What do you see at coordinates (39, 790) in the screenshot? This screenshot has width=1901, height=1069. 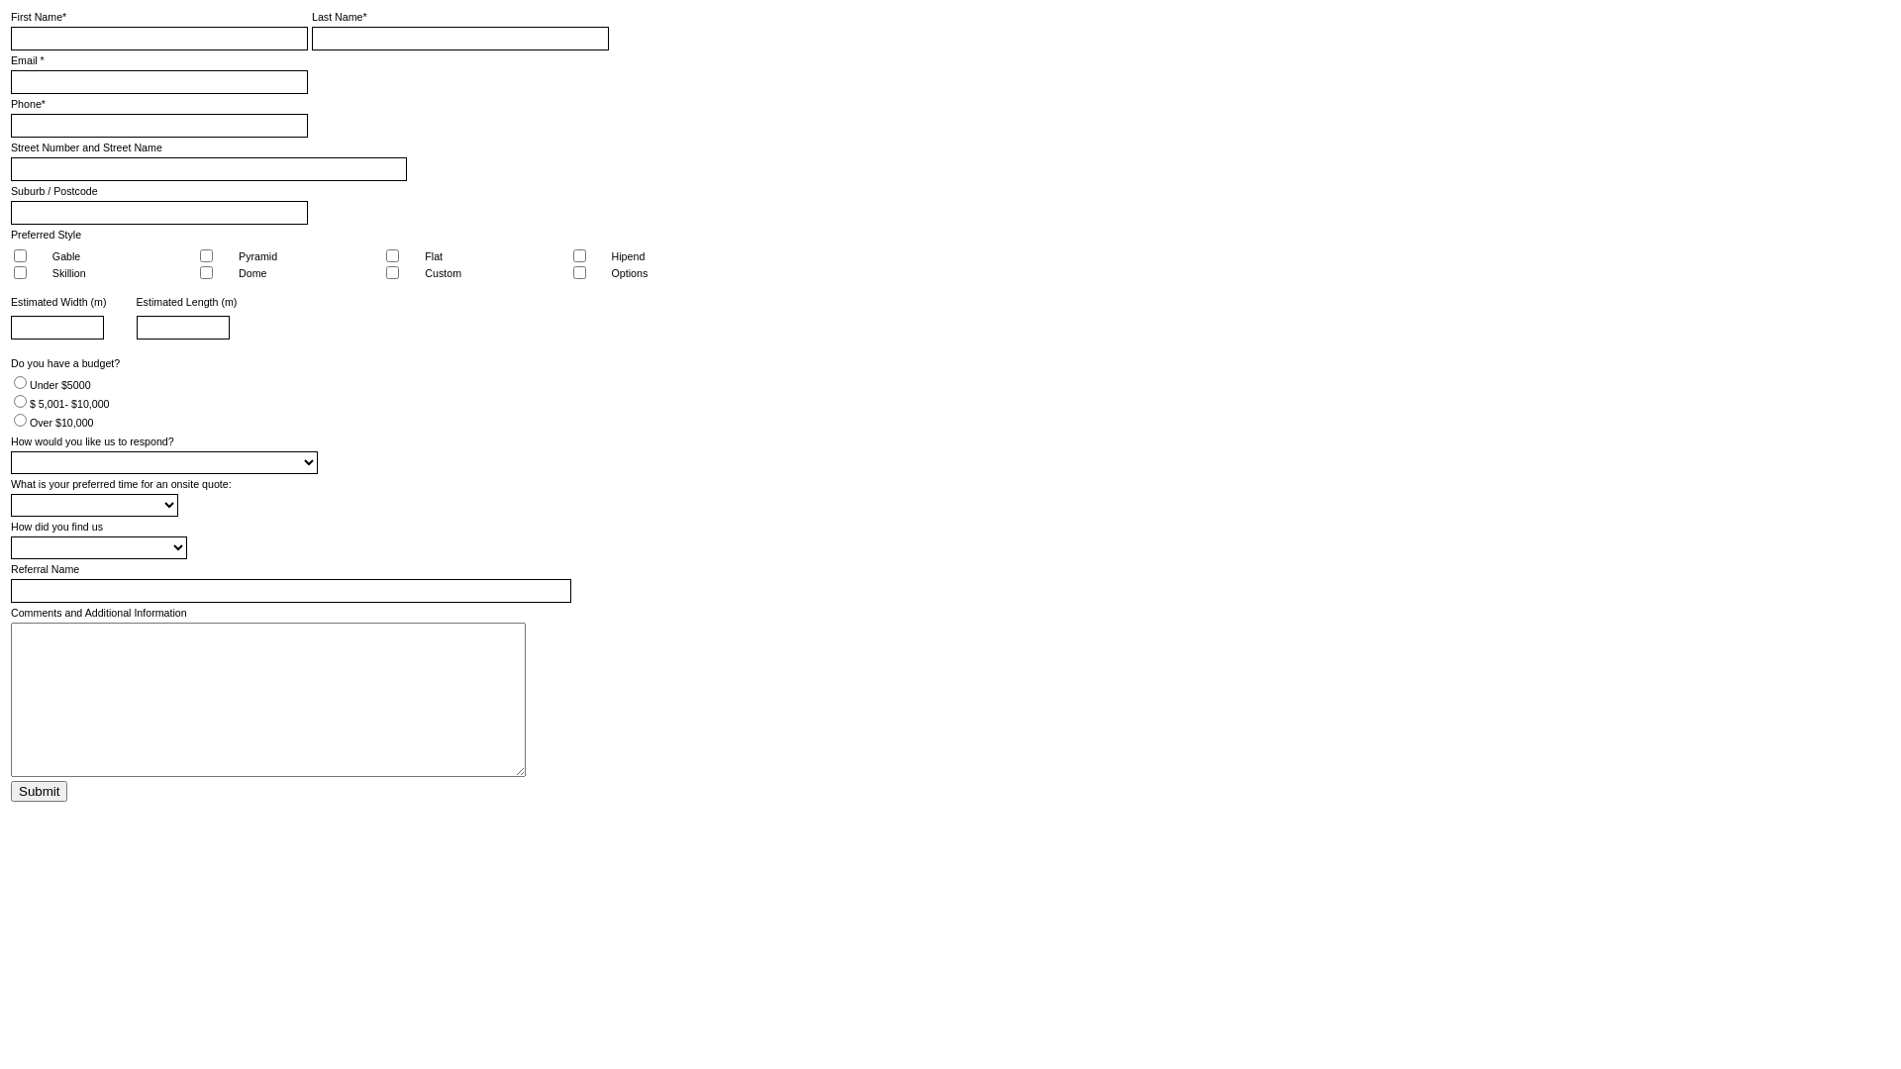 I see `'Submit'` at bounding box center [39, 790].